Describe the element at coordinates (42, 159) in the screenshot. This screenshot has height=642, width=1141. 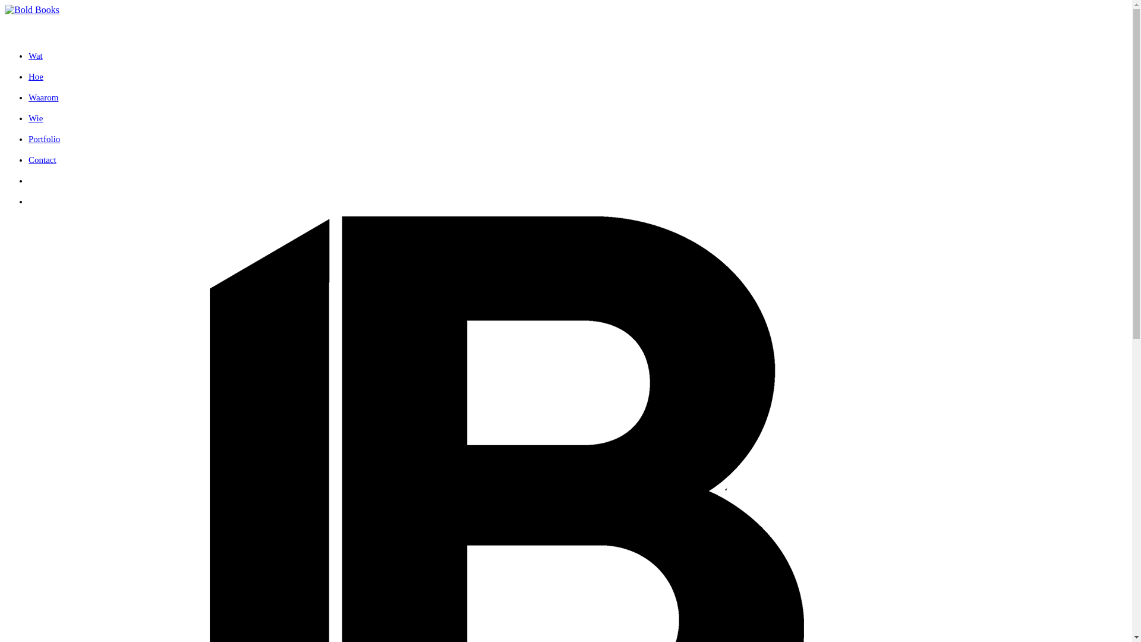
I see `'Contact'` at that location.